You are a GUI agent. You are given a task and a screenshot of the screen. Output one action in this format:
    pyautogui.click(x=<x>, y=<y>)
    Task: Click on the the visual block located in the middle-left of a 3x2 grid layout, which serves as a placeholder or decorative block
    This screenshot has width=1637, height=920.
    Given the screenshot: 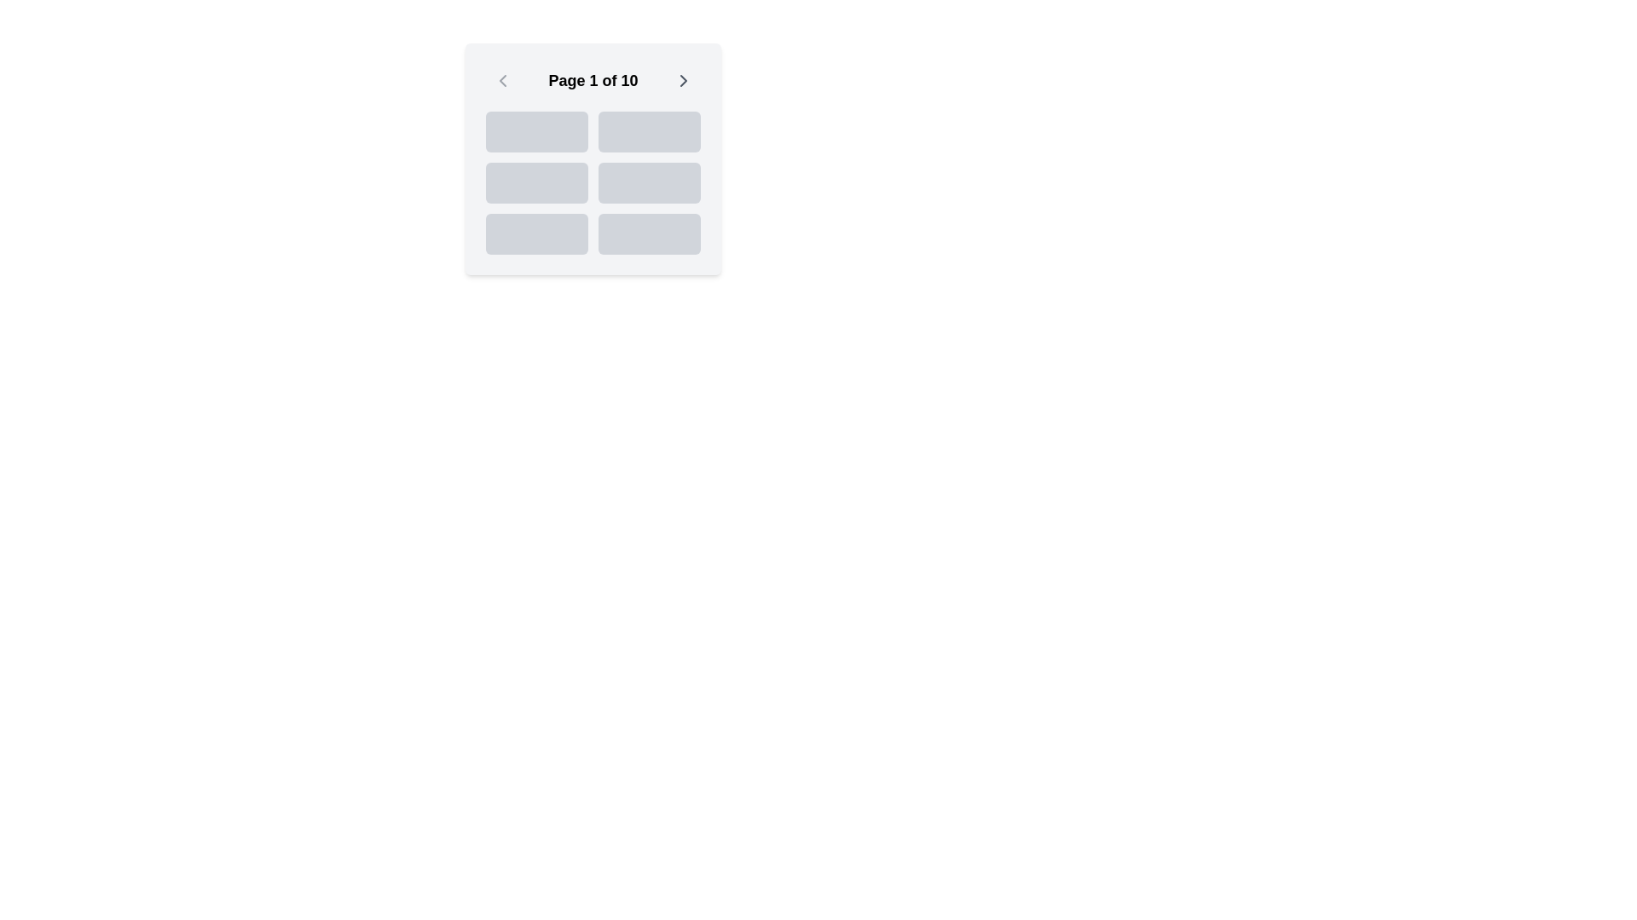 What is the action you would take?
    pyautogui.click(x=535, y=183)
    